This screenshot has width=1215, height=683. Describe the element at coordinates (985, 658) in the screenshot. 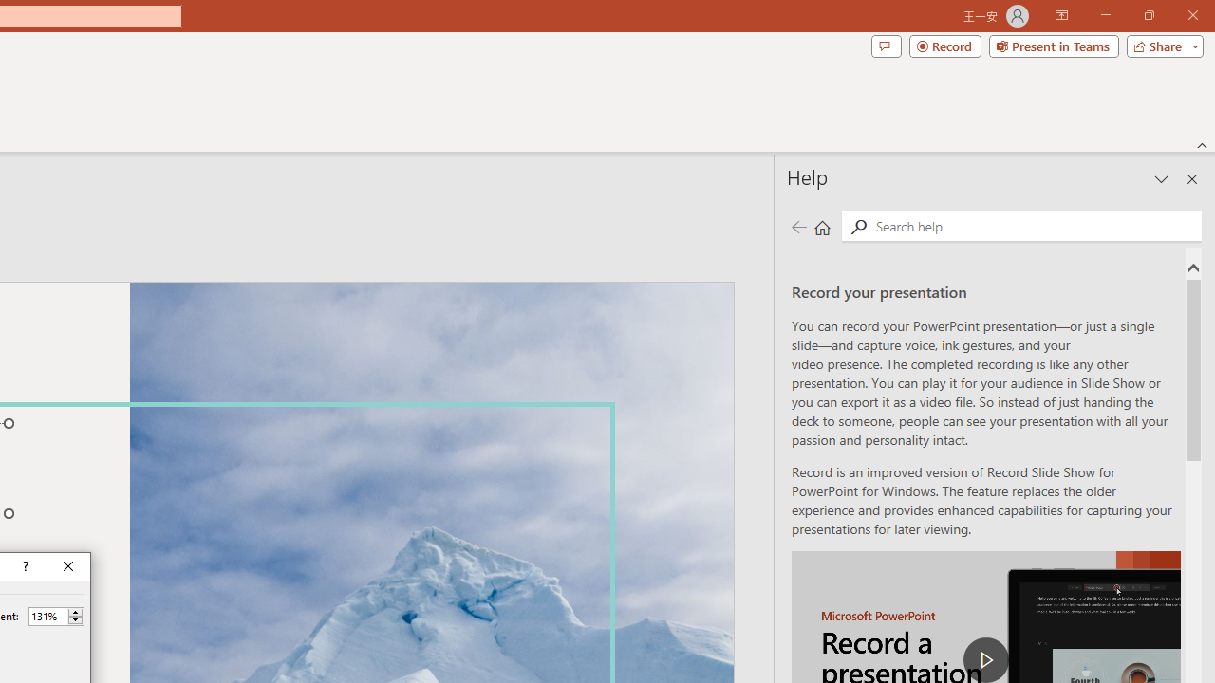

I see `'play Record a Presentation'` at that location.